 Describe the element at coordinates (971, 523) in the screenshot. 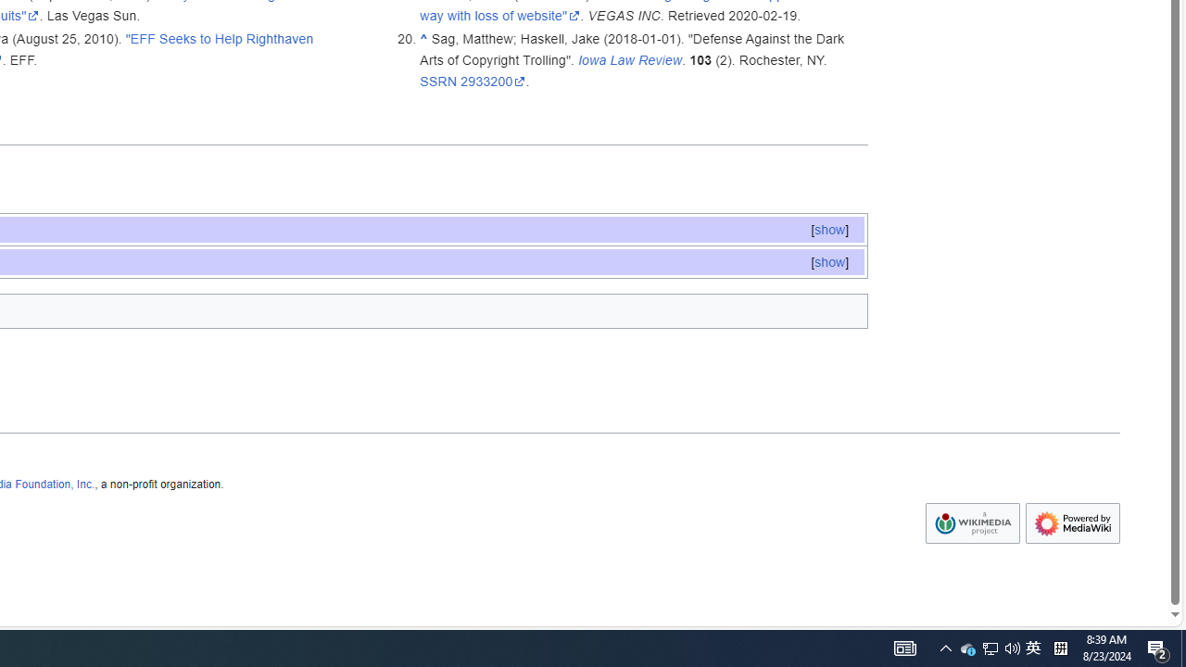

I see `'AutomationID: footer-copyrightico'` at that location.